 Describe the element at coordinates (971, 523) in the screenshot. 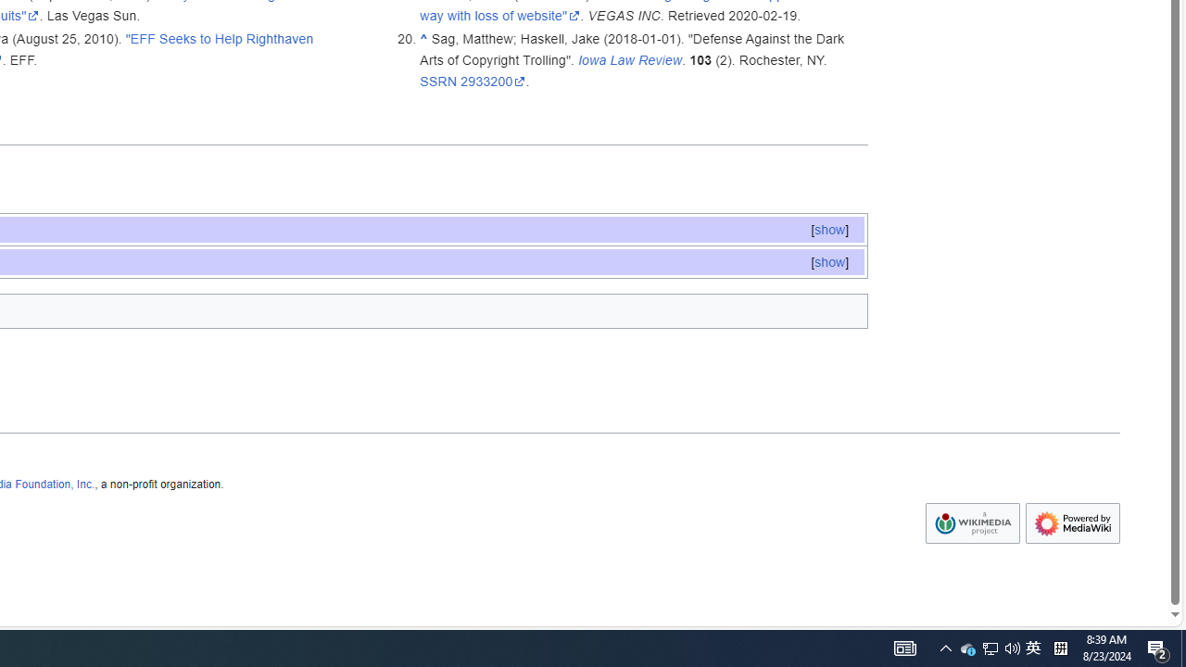

I see `'AutomationID: footer-copyrightico'` at that location.